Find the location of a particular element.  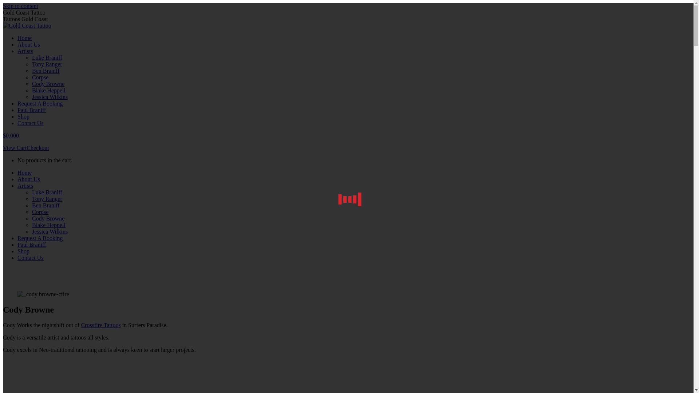

'Checkout' is located at coordinates (37, 147).